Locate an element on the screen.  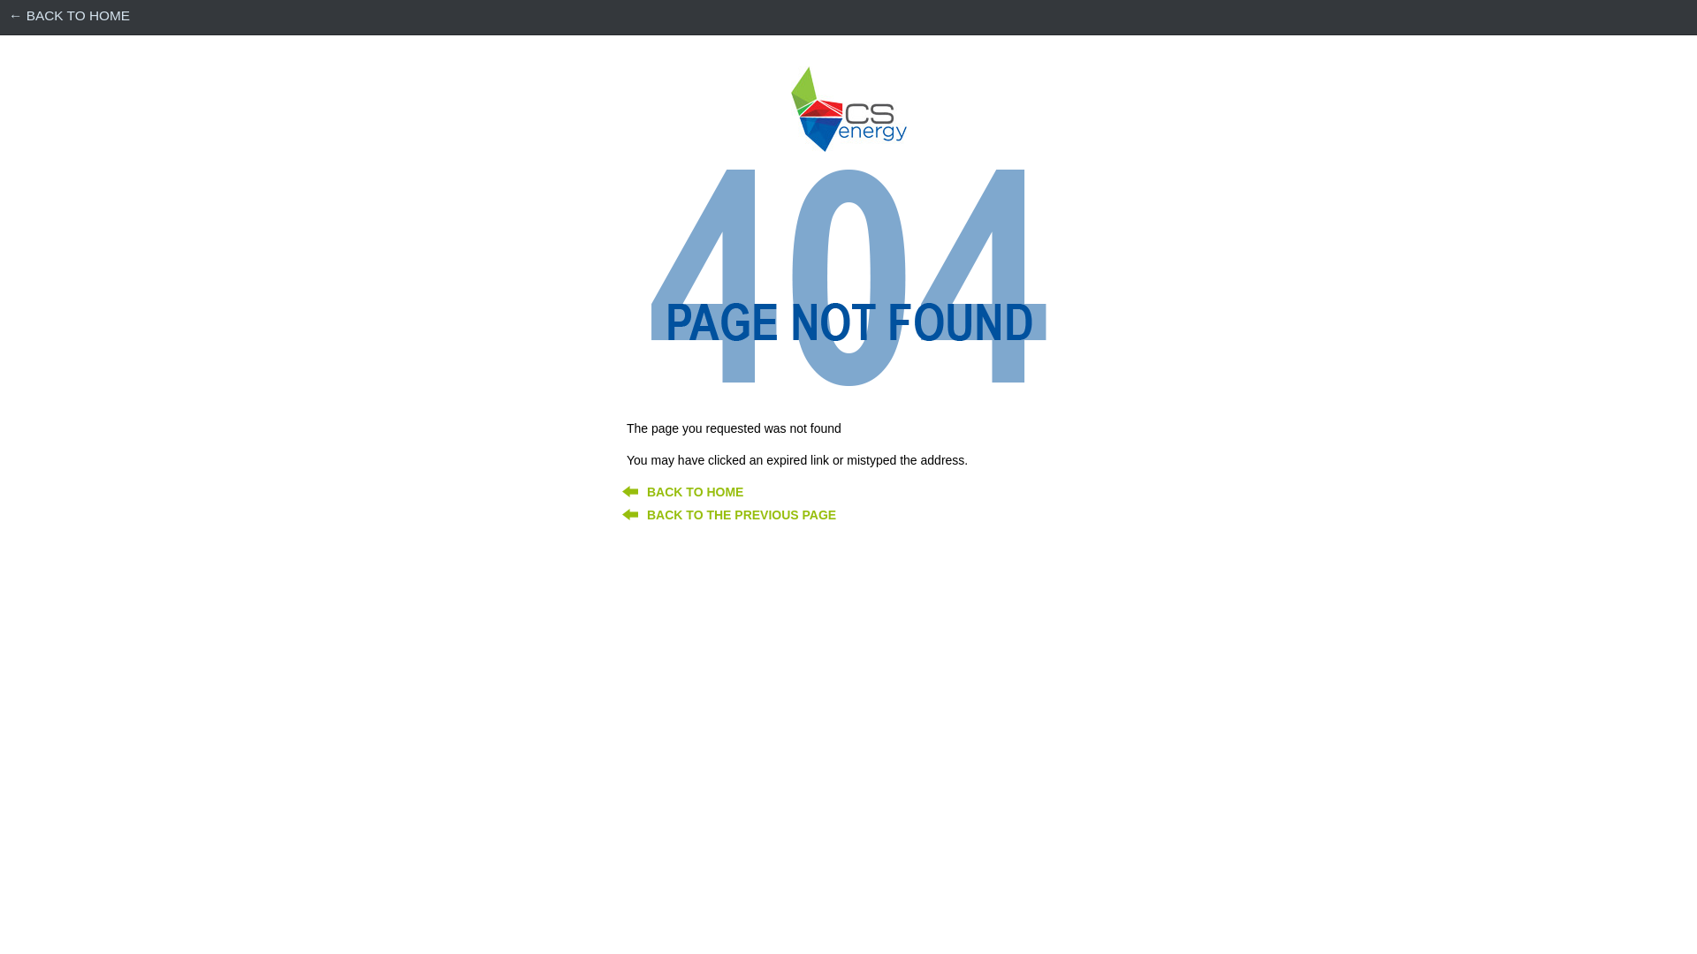
'BACK TO HOME' is located at coordinates (694, 491).